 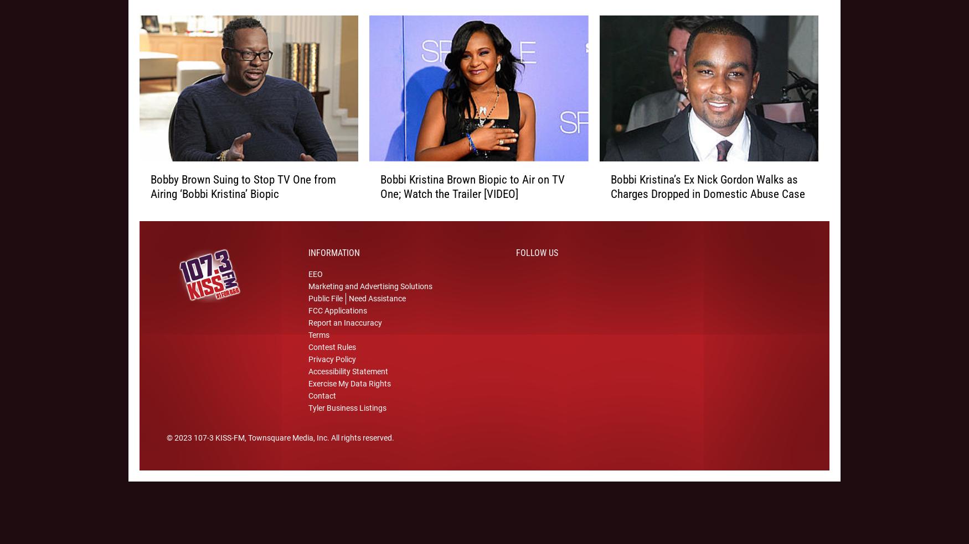 I want to click on '107-3 KISS-FM', so click(x=219, y=451).